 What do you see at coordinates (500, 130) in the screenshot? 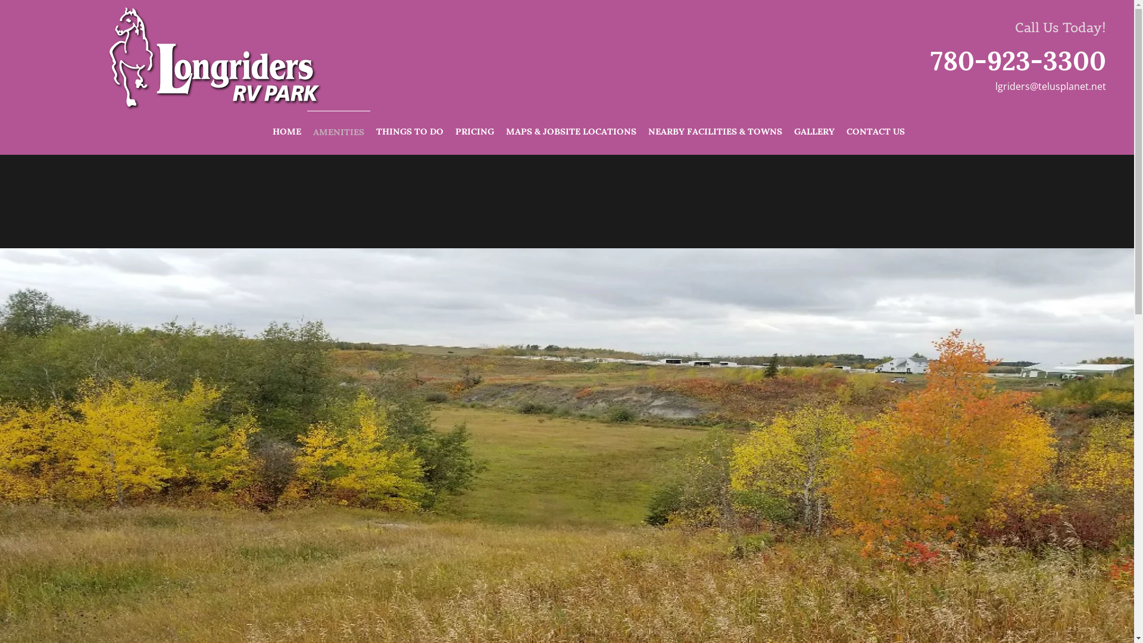
I see `'MAPS & JOBSITE LOCATIONS'` at bounding box center [500, 130].